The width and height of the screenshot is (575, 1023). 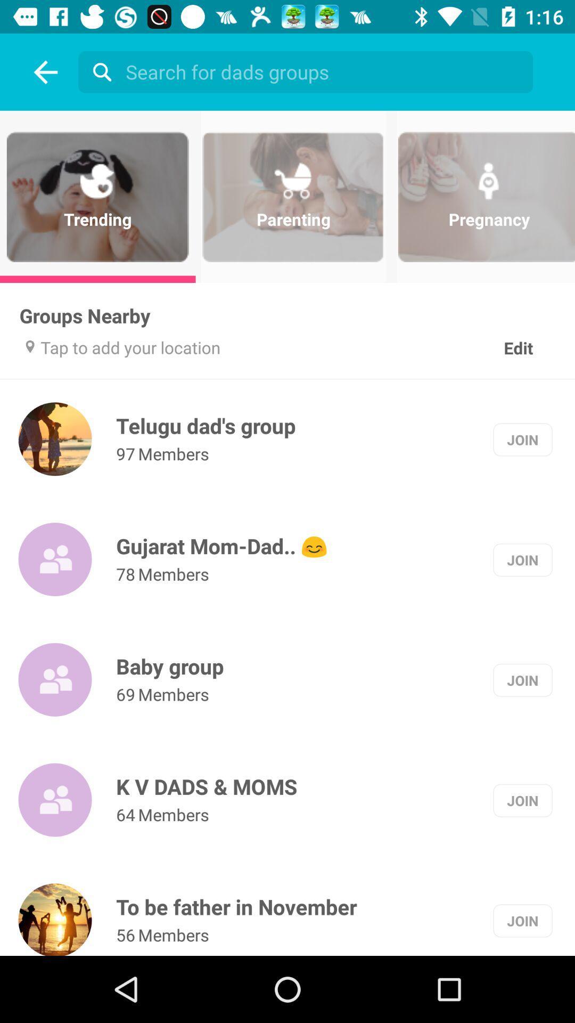 I want to click on the item next to members, so click(x=125, y=934).